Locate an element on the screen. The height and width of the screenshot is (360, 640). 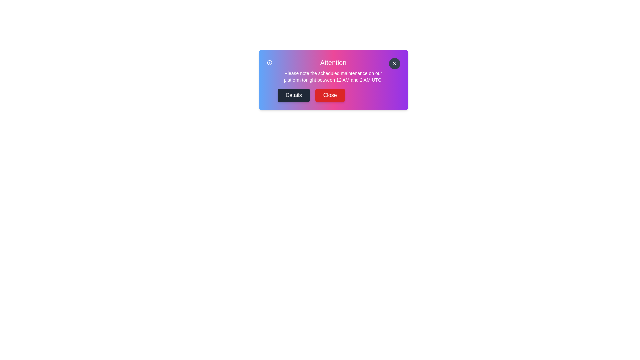
the 'Attention' text in the alert component is located at coordinates (333, 63).